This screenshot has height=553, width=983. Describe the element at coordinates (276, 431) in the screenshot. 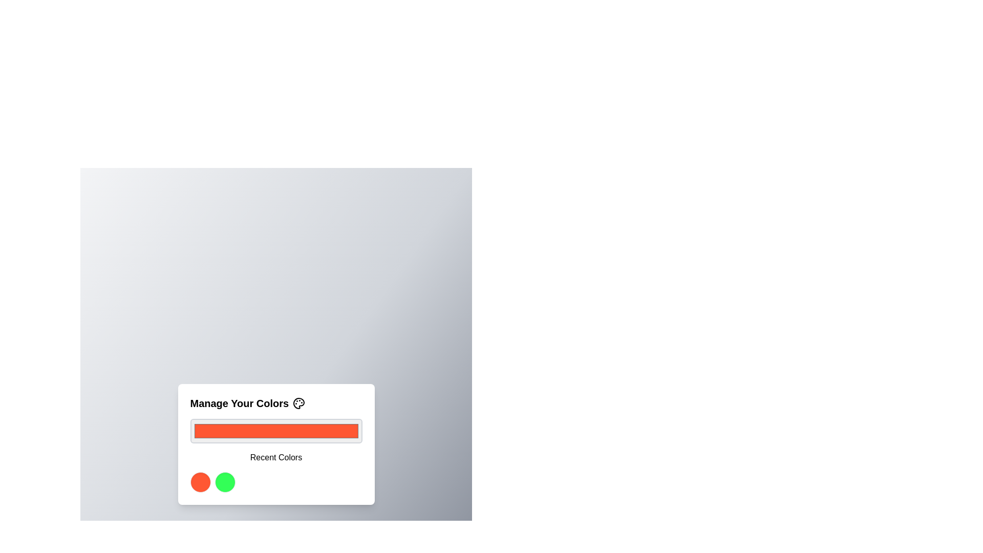

I see `the color input field located below the title 'Manage Your Colors' to select a color` at that location.